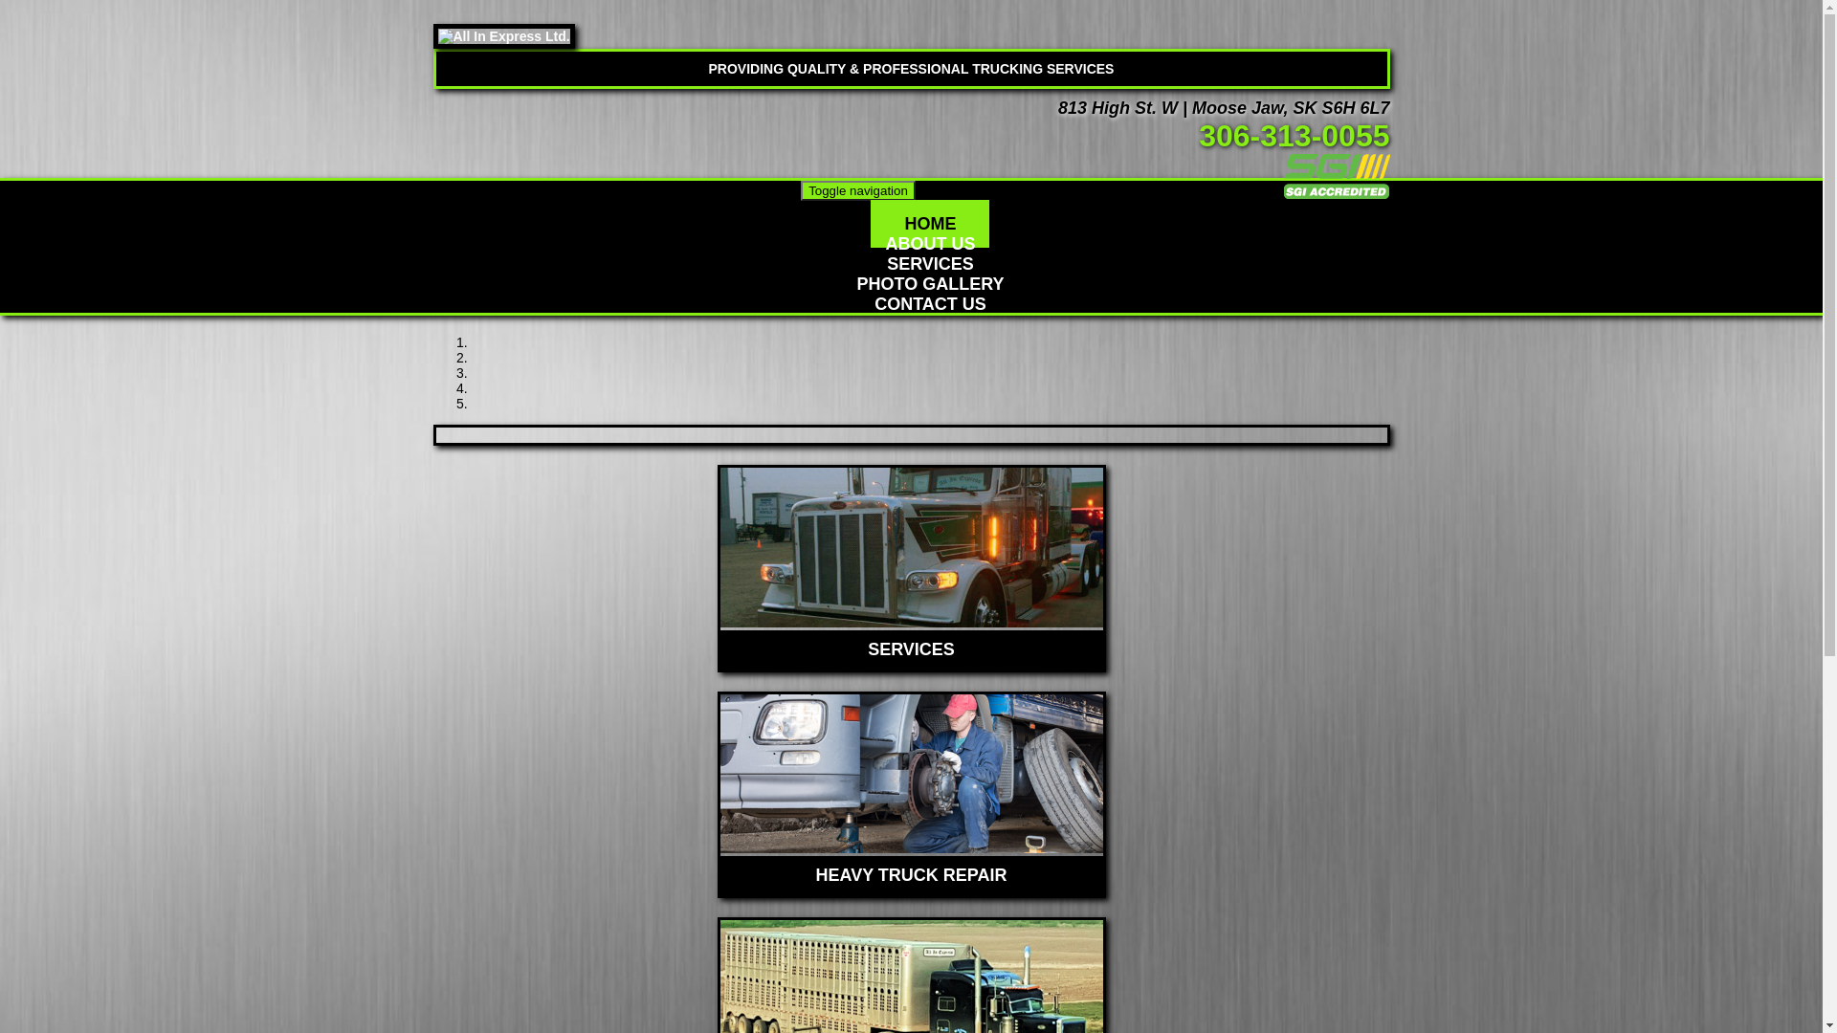  I want to click on 'SERVICES', so click(719, 642).